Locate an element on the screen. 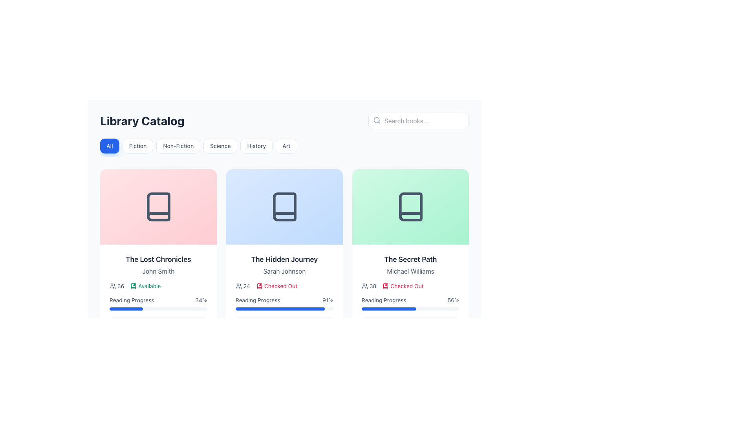 Image resolution: width=754 pixels, height=424 pixels. the 'Science' button, which is a rectangular button with slightly rounded corners, white background, and dark grey text, to filter items by the Science category is located at coordinates (220, 146).